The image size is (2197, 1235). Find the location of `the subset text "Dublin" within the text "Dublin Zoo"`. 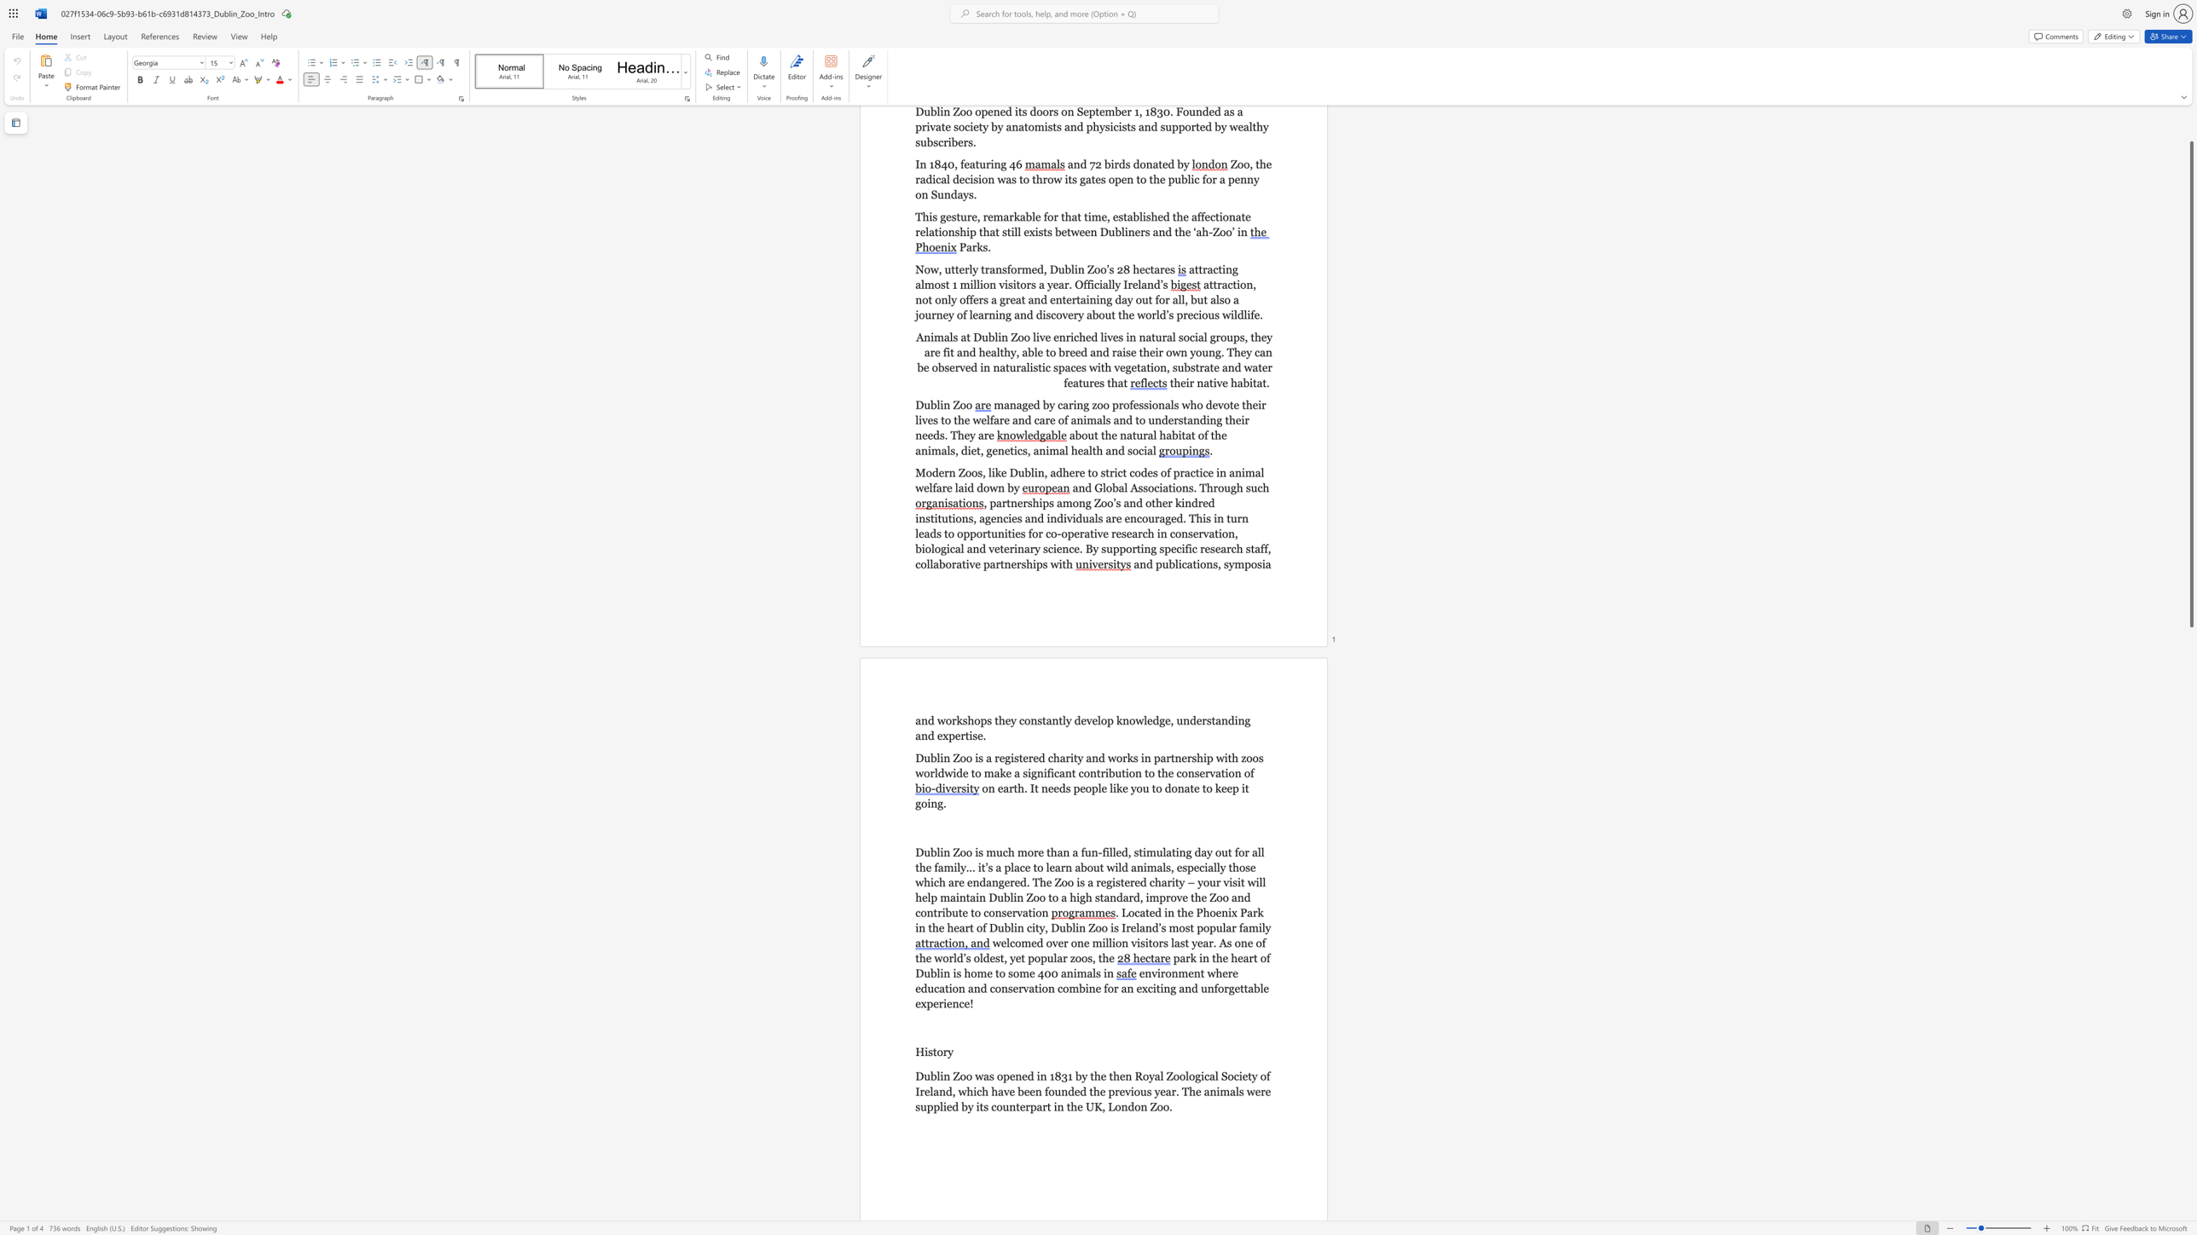

the subset text "Dublin" within the text "Dublin Zoo" is located at coordinates (915, 404).